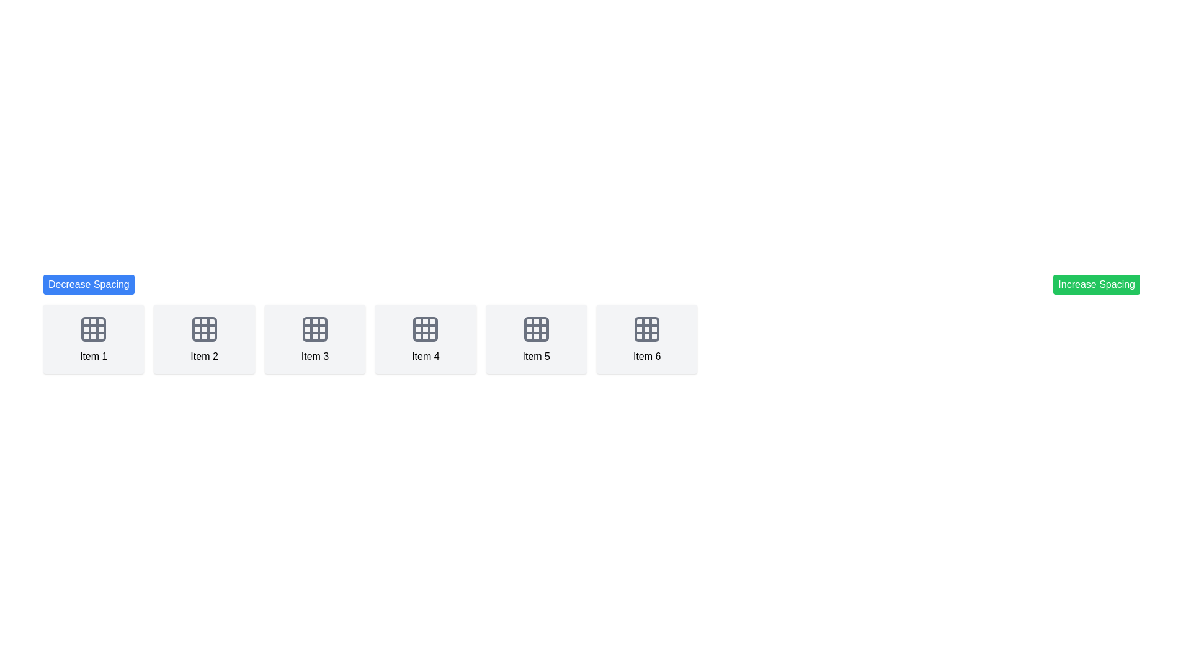  I want to click on the SVG Icon representing a grid layout, which is visually central within the 'Item 6' box, so click(646, 329).